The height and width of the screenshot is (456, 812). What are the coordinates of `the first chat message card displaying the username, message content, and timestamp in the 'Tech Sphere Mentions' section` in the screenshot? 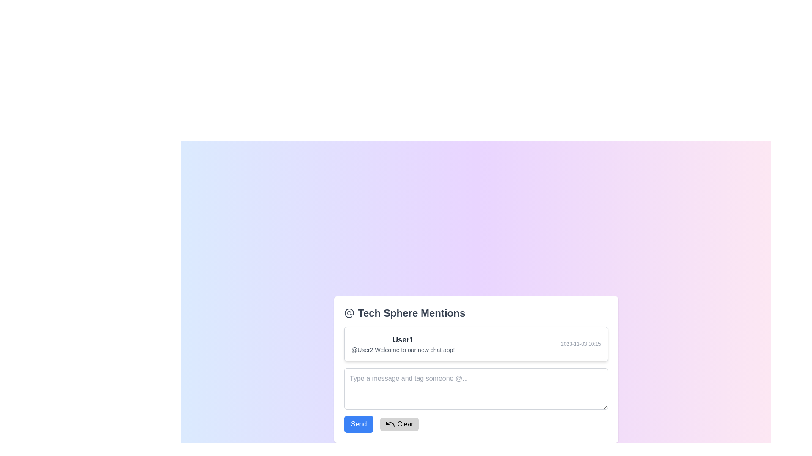 It's located at (476, 343).